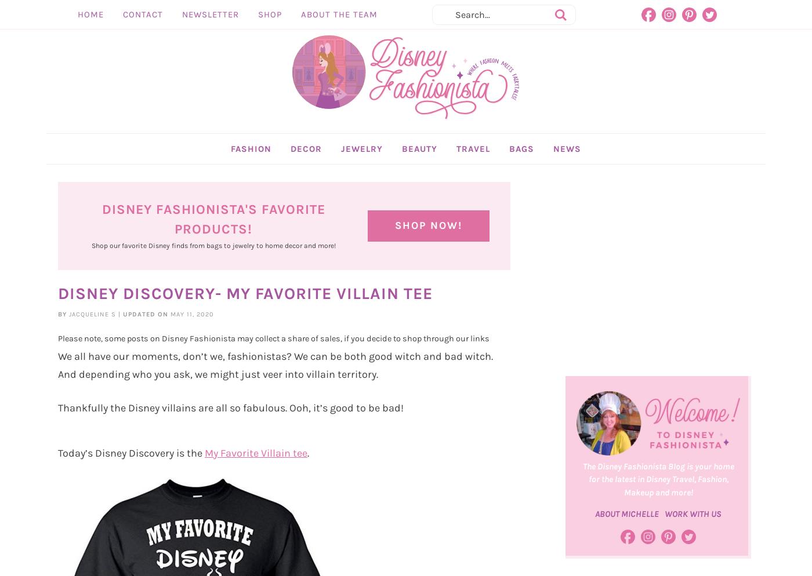 The image size is (812, 576). Describe the element at coordinates (341, 174) in the screenshot. I see `'JEWELRY'` at that location.